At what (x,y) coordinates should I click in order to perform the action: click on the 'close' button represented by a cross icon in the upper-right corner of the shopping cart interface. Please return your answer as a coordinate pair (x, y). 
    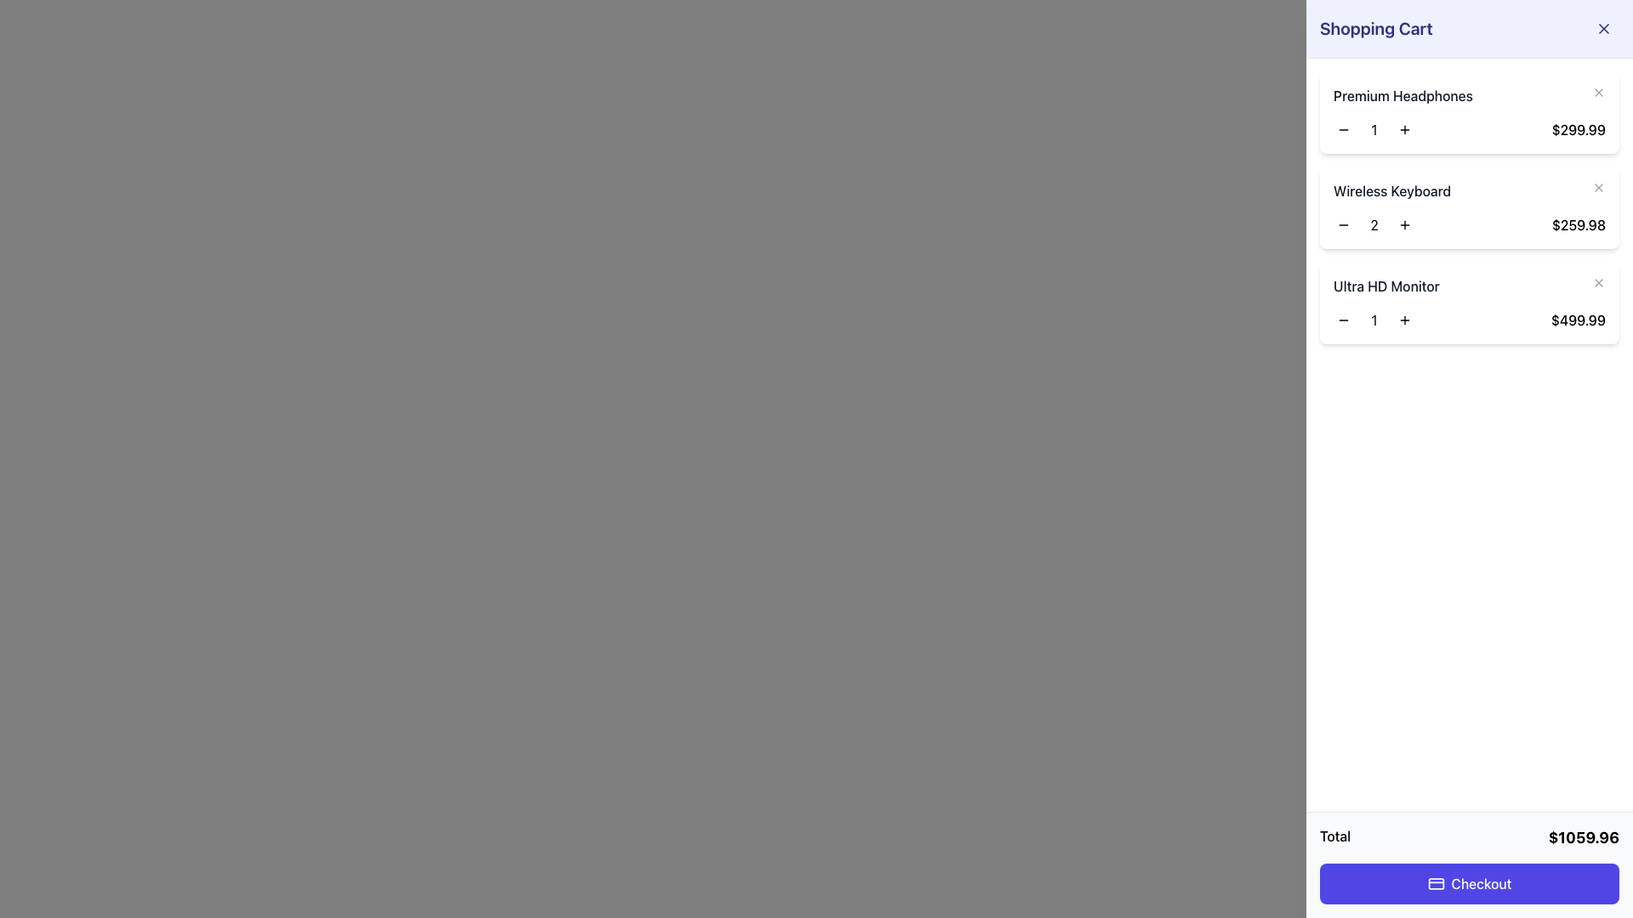
    Looking at the image, I should click on (1603, 29).